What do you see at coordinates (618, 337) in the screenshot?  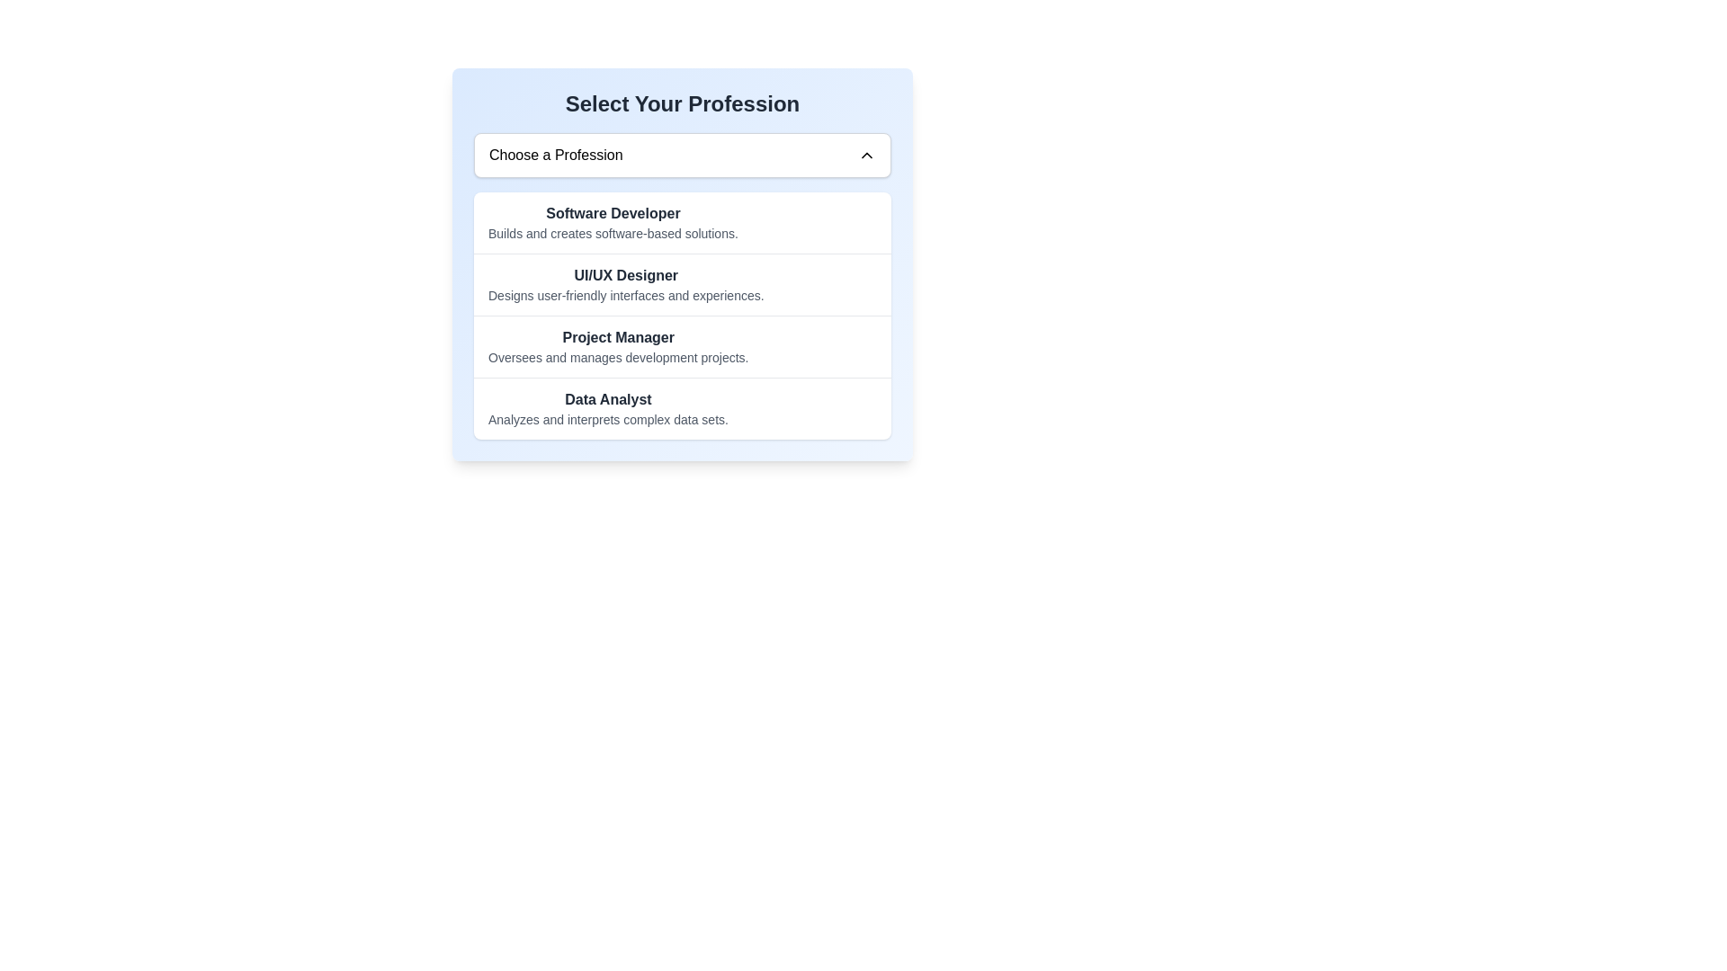 I see `the text label displaying 'Project Manager' in bold, dark gray font, located in the center area of the layout, near the description 'Oversees and manages development projects.'` at bounding box center [618, 337].